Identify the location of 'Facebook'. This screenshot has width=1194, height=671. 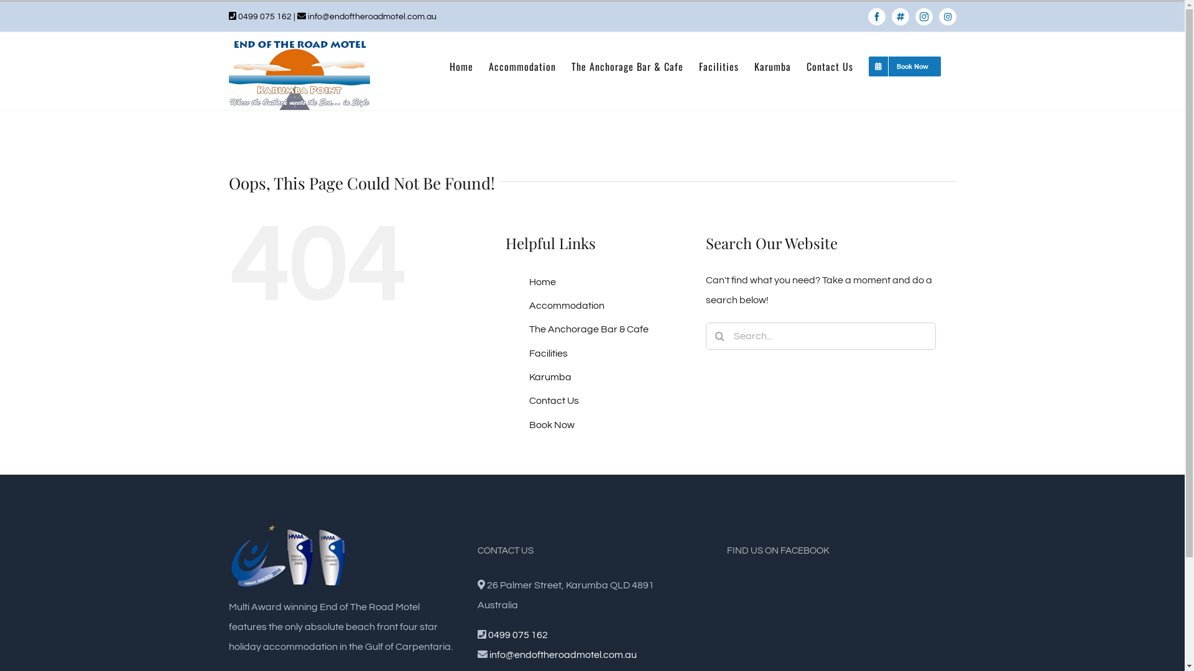
(876, 17).